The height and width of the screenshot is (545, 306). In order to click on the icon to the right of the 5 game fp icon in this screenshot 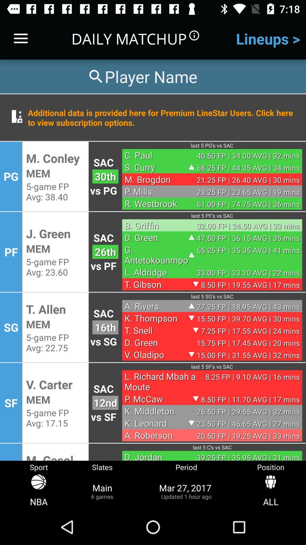, I will do `click(105, 327)`.